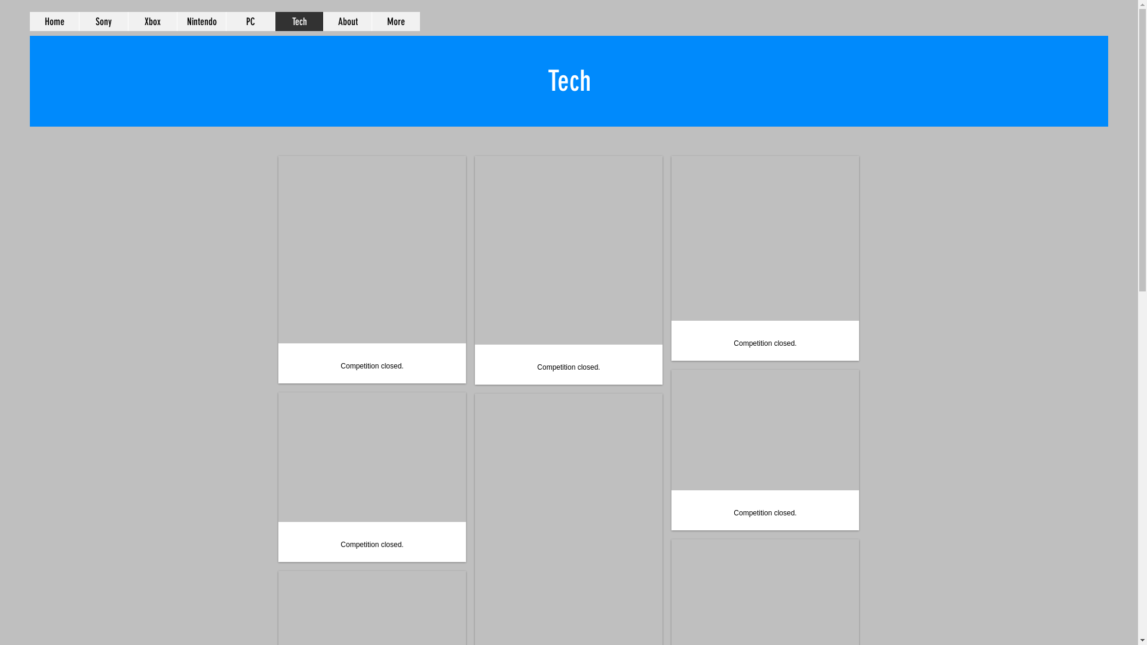 The width and height of the screenshot is (1147, 645). I want to click on 'PC', so click(249, 21).